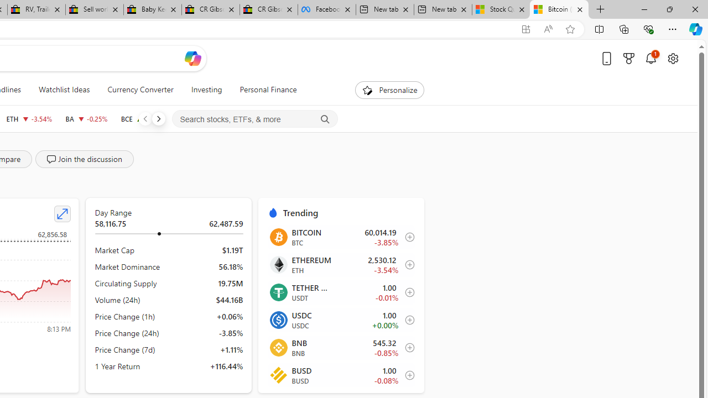 The height and width of the screenshot is (398, 708). Describe the element at coordinates (650, 58) in the screenshot. I see `'Notifications'` at that location.